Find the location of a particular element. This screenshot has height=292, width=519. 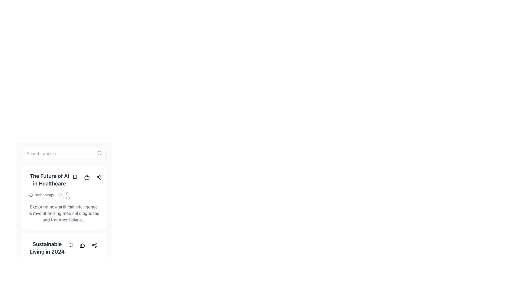

the third circular button with a share icon at the bottom-right corner of the 'Sustainable Living in 2024' card to trigger hover effects is located at coordinates (94, 245).